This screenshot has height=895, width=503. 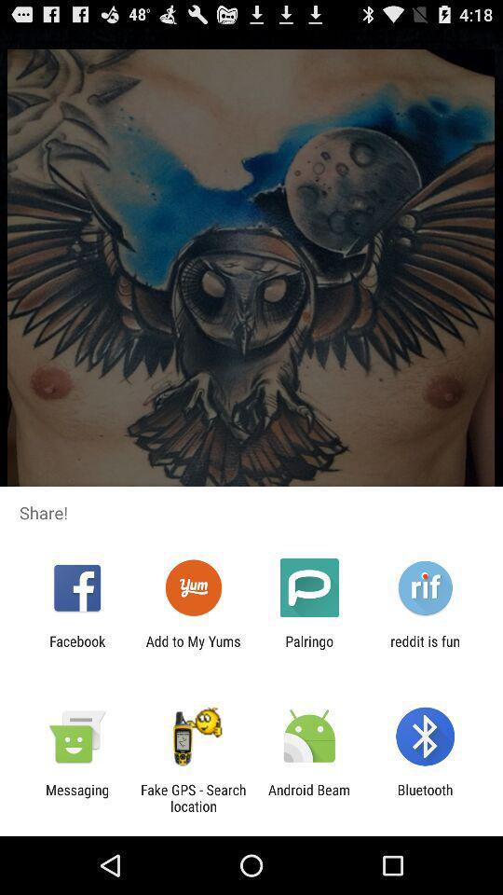 I want to click on item next to add to my app, so click(x=76, y=649).